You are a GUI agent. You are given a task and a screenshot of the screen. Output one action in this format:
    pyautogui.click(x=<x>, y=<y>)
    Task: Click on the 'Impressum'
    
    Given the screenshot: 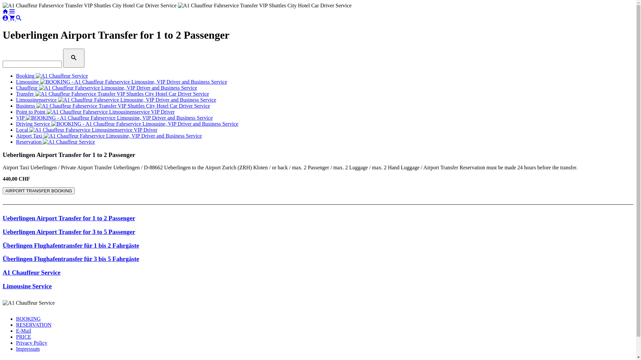 What is the action you would take?
    pyautogui.click(x=27, y=348)
    